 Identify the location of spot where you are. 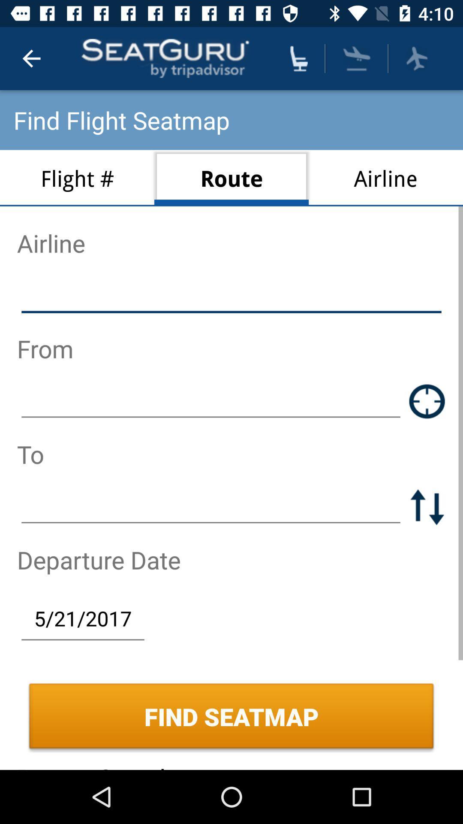
(427, 401).